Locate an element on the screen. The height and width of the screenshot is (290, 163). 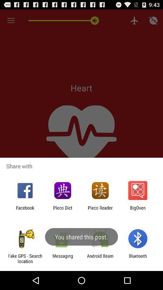
app to the left of android beam item is located at coordinates (62, 258).